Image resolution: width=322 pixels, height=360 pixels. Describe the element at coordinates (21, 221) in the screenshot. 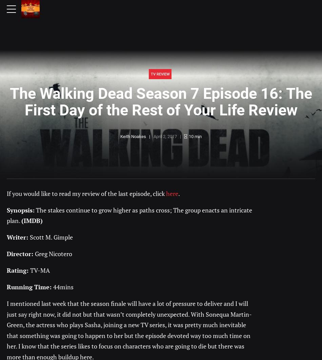

I see `'(IMDB)'` at that location.